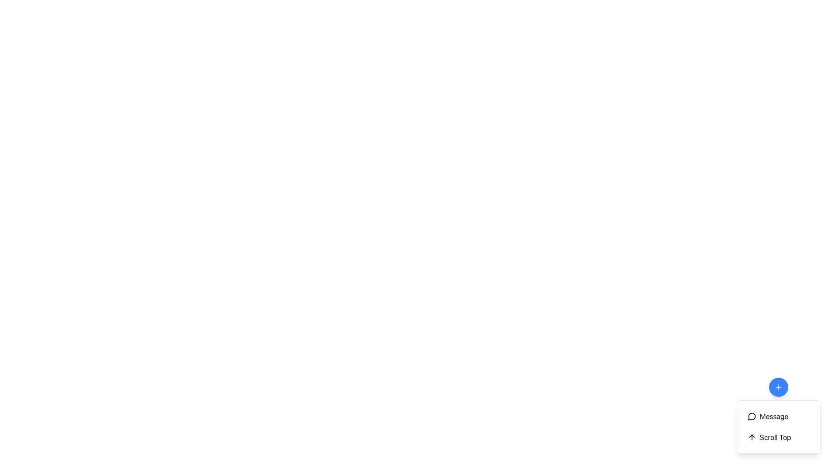 Image resolution: width=838 pixels, height=471 pixels. What do you see at coordinates (779, 386) in the screenshot?
I see `the circular blue button with a white cross icon located at the bottom-right corner of the interface for visual feedback` at bounding box center [779, 386].